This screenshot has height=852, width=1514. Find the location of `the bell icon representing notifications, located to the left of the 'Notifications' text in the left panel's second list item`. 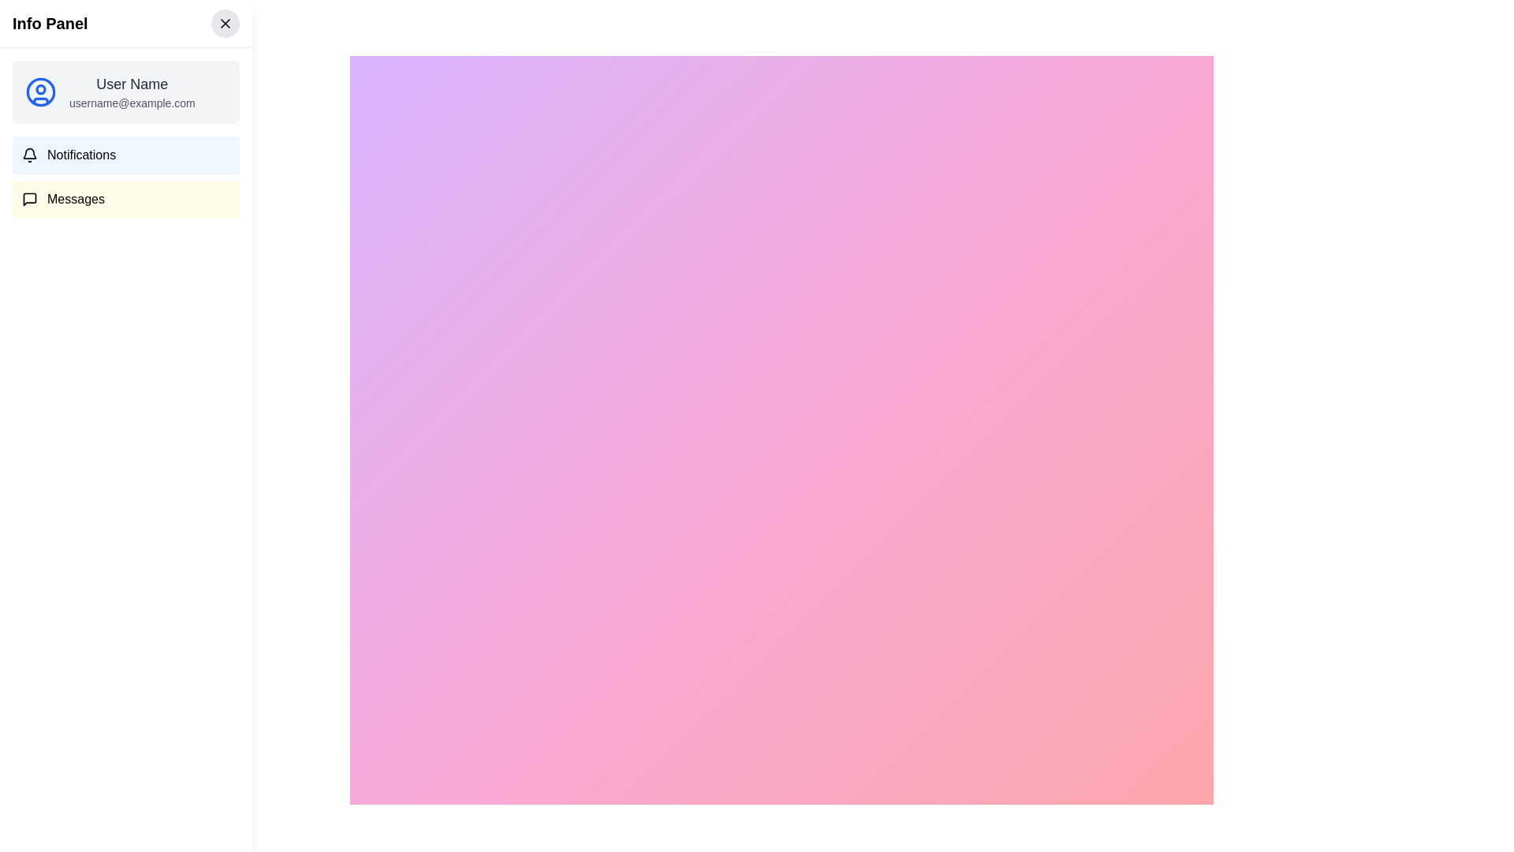

the bell icon representing notifications, located to the left of the 'Notifications' text in the left panel's second list item is located at coordinates (30, 155).